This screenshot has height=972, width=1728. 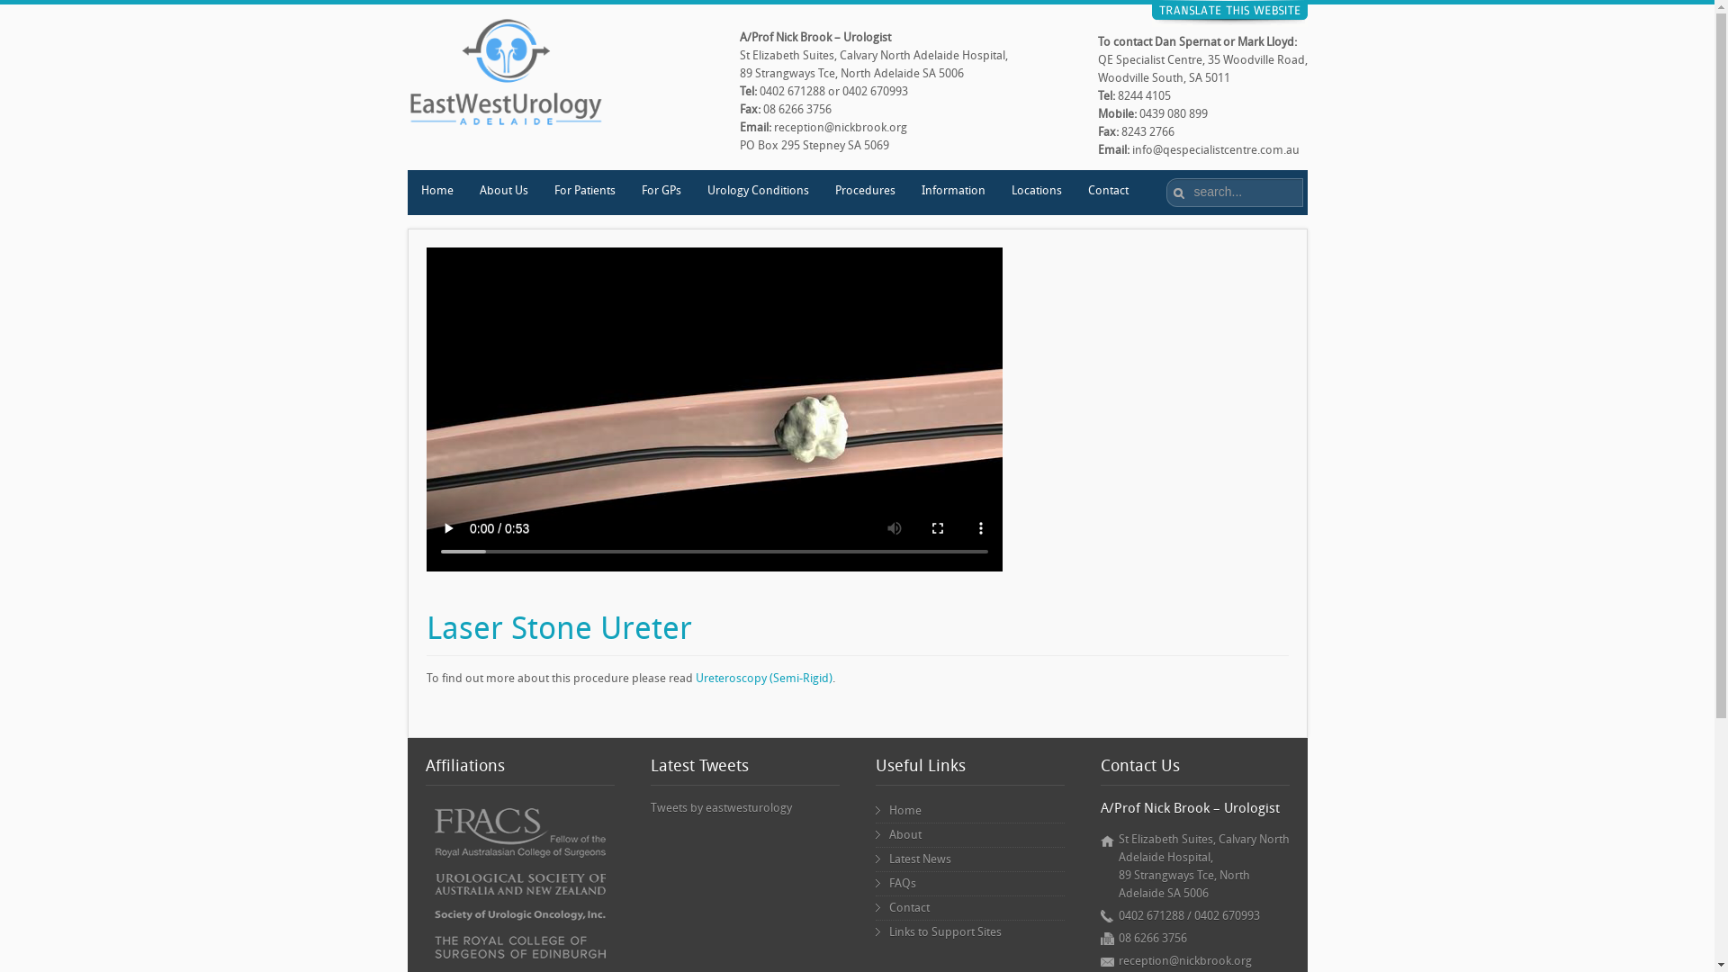 I want to click on 'Tweets by eastwesturology', so click(x=720, y=806).